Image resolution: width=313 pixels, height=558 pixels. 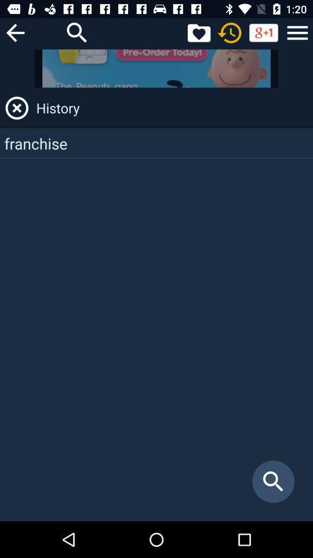 I want to click on exit history, so click(x=16, y=108).